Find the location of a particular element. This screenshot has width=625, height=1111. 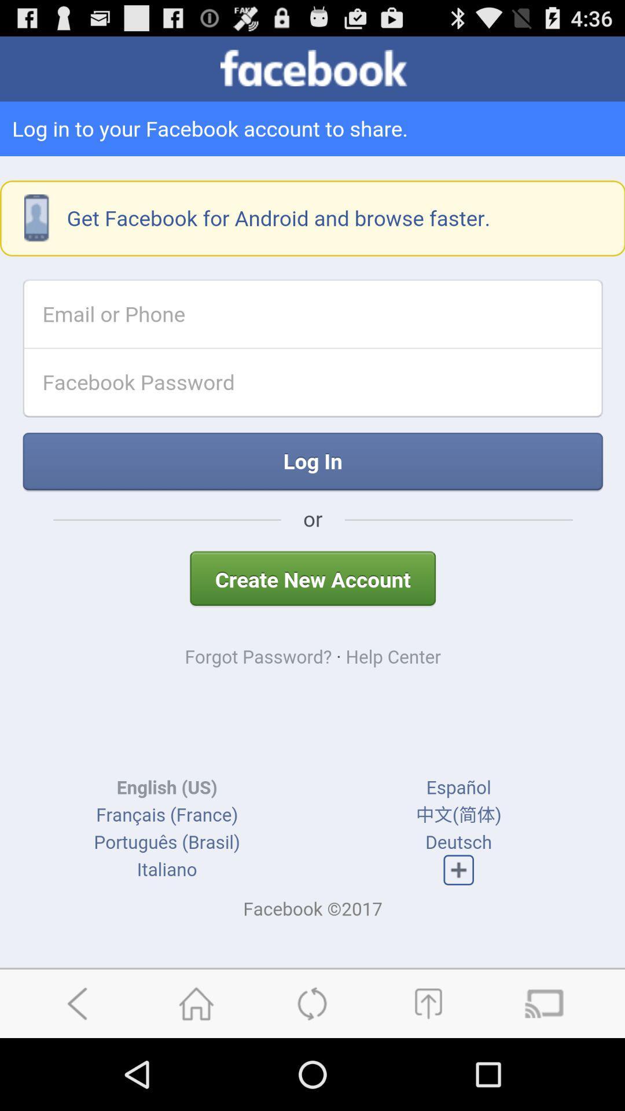

the arrow_backward icon is located at coordinates (80, 1073).